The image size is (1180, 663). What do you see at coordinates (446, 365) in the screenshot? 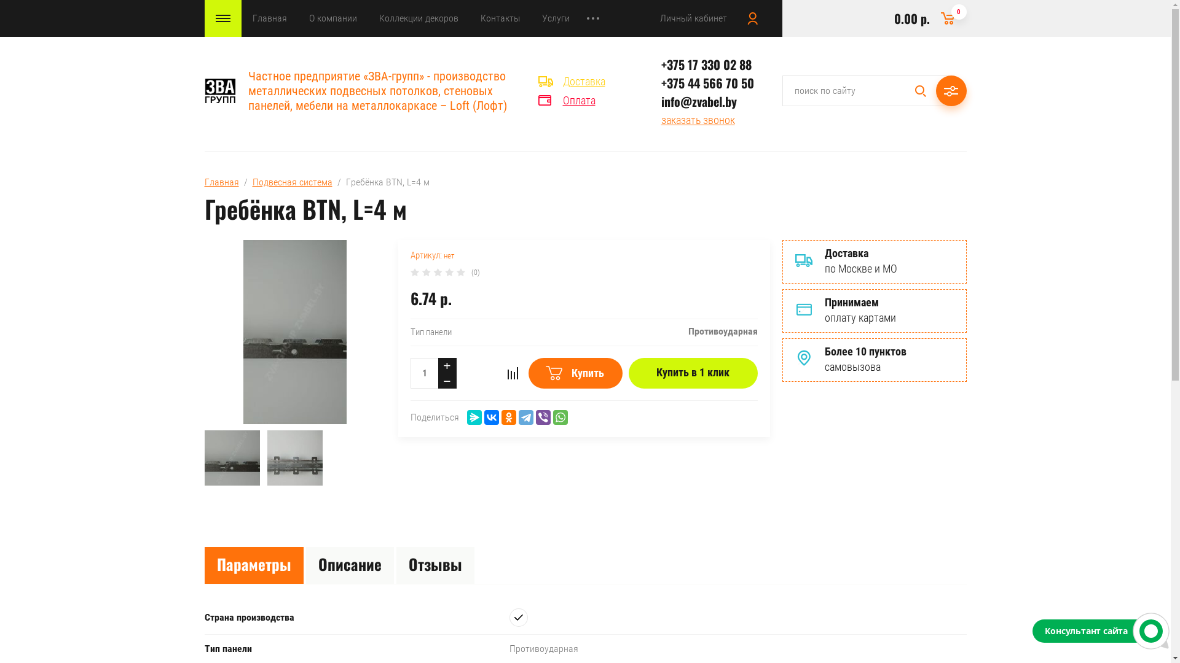
I see `'+'` at bounding box center [446, 365].